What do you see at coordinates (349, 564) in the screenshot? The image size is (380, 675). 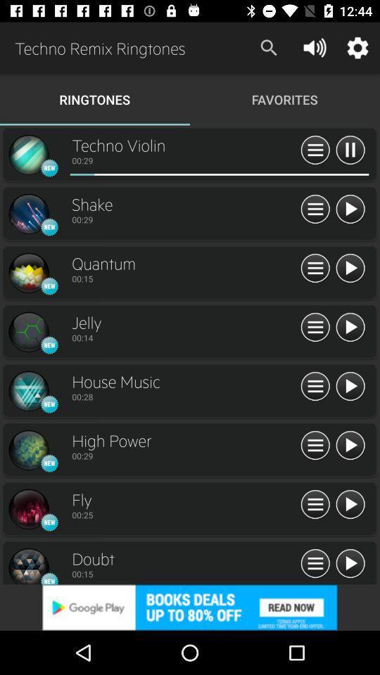 I see `play` at bounding box center [349, 564].